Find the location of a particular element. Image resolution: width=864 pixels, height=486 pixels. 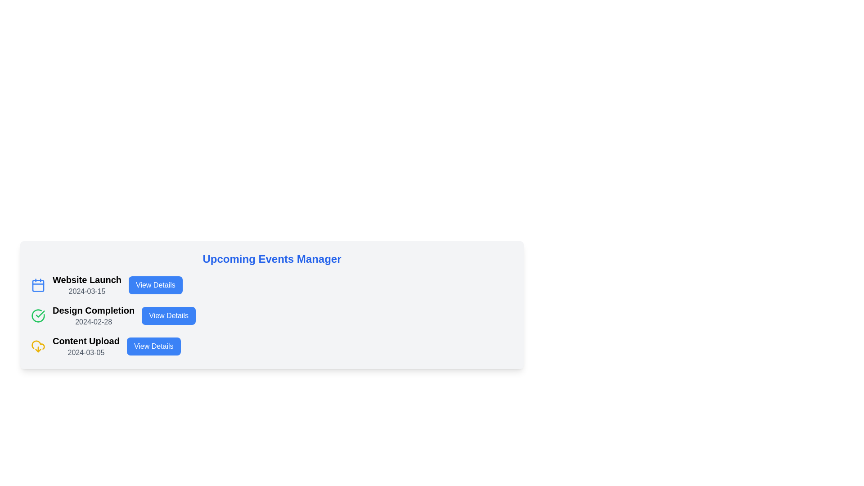

the text label displaying 'Website Launch' which is the primary content of the first item in the list of upcoming events is located at coordinates (87, 279).